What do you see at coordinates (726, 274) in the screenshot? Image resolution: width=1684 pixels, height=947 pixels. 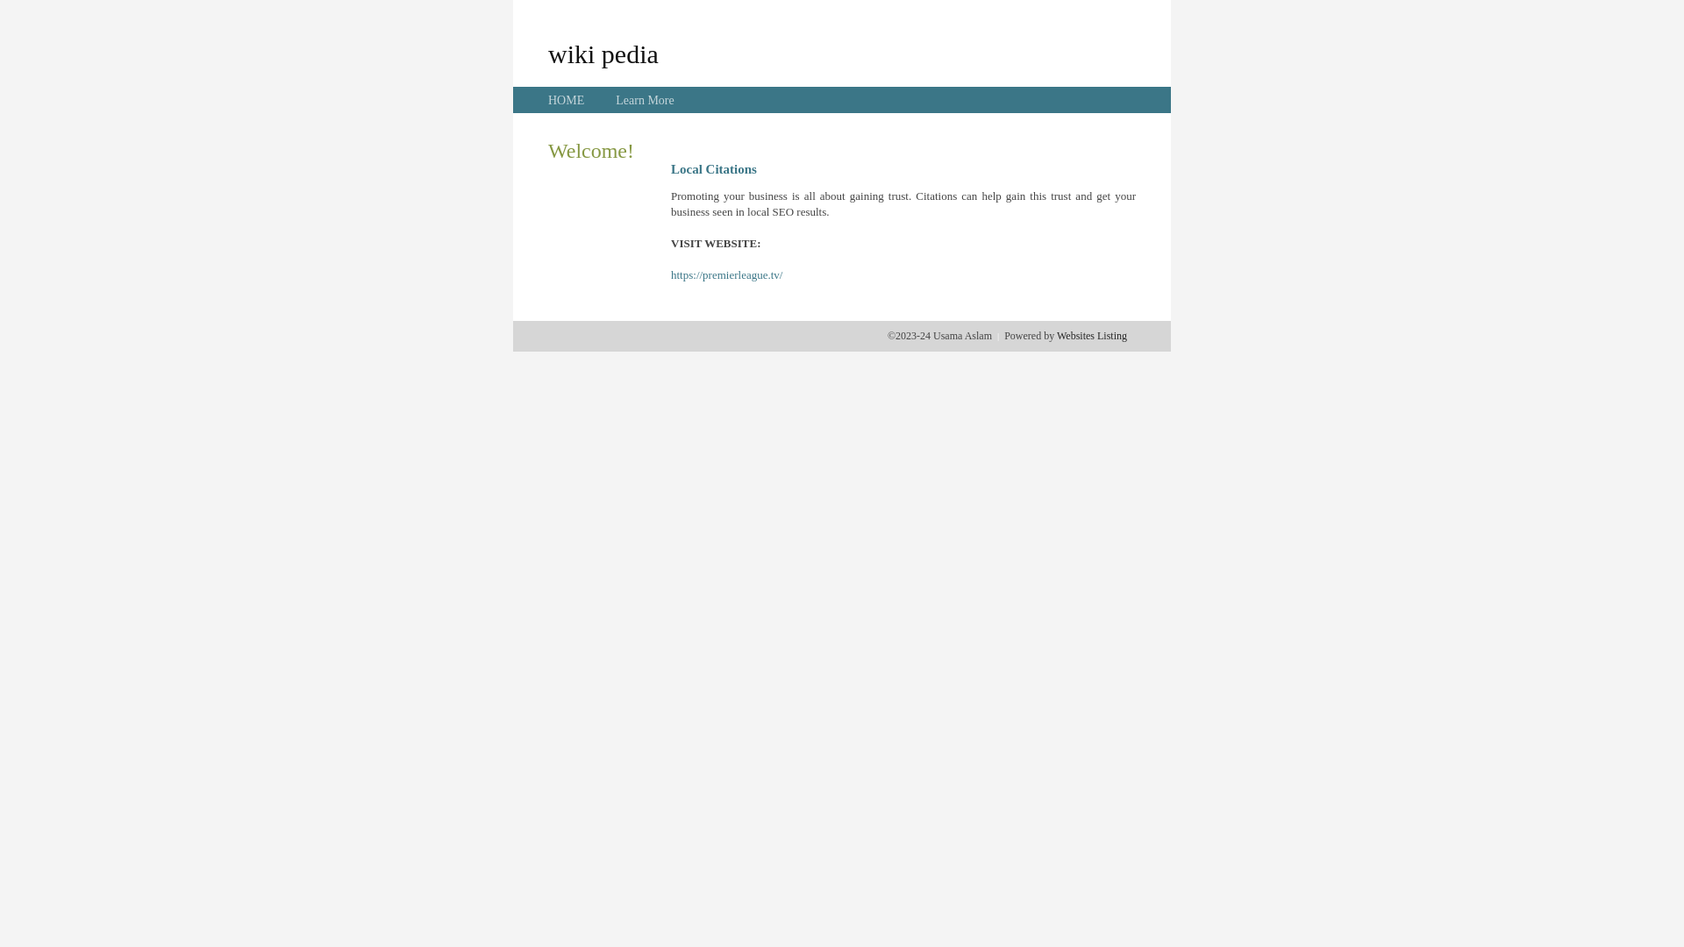 I see `'https://premierleague.tv/'` at bounding box center [726, 274].